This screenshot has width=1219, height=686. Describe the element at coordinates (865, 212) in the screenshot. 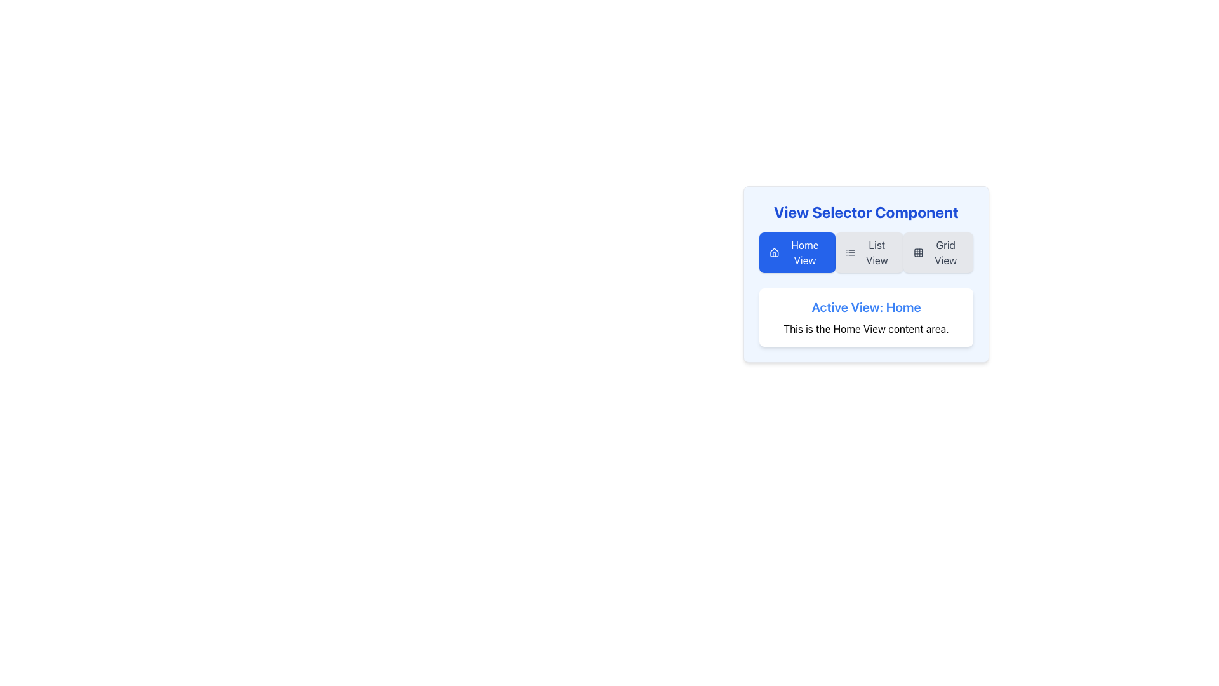

I see `text from the Text Label that serves as a title or heading, located at the top center of the interface` at that location.